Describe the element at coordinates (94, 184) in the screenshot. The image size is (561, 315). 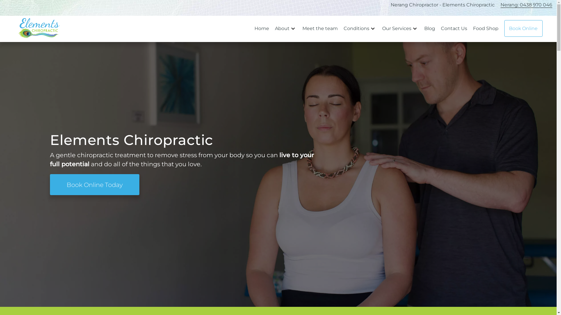
I see `'Book Online Today'` at that location.